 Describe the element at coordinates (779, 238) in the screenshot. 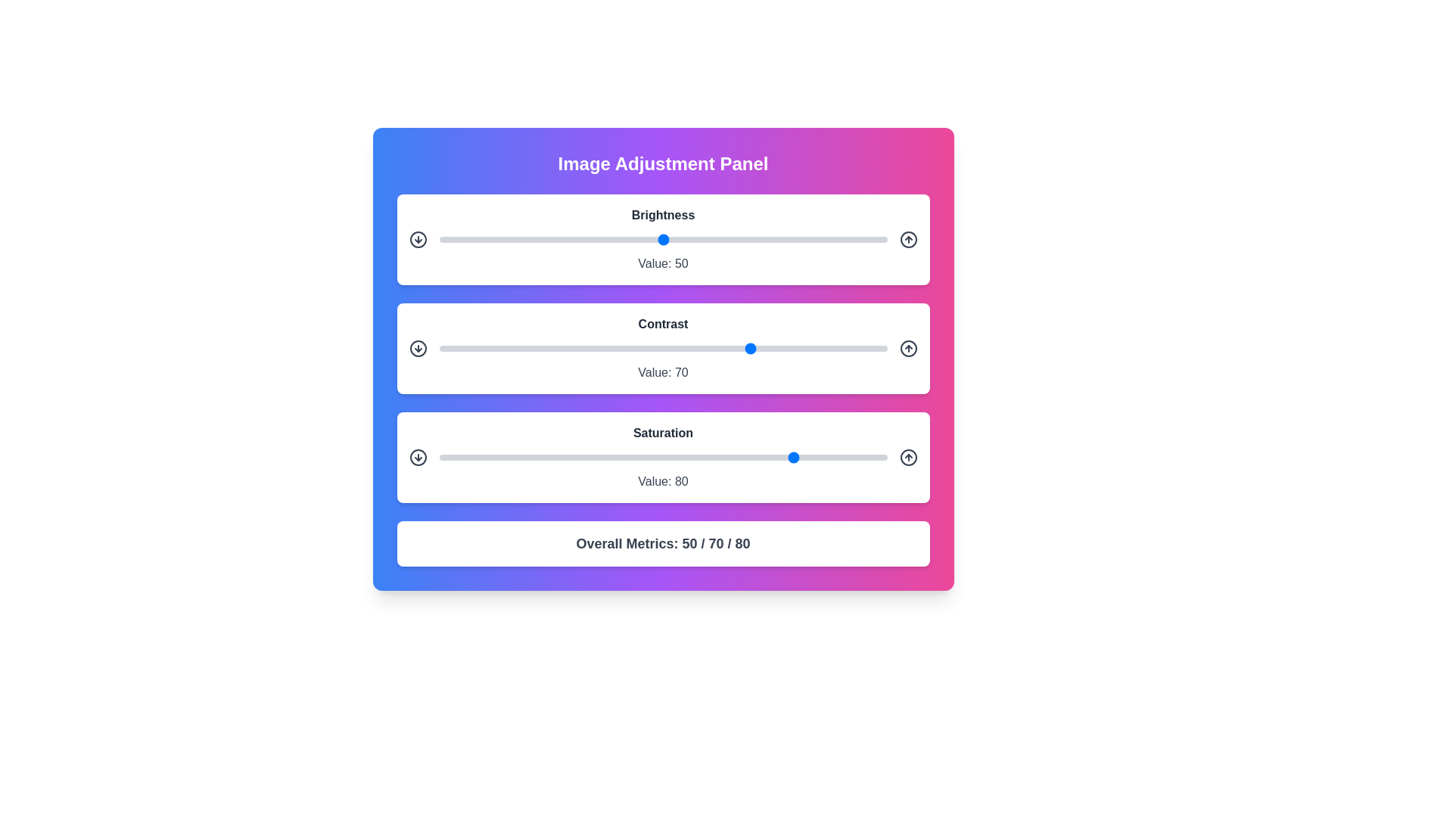

I see `brightness` at that location.